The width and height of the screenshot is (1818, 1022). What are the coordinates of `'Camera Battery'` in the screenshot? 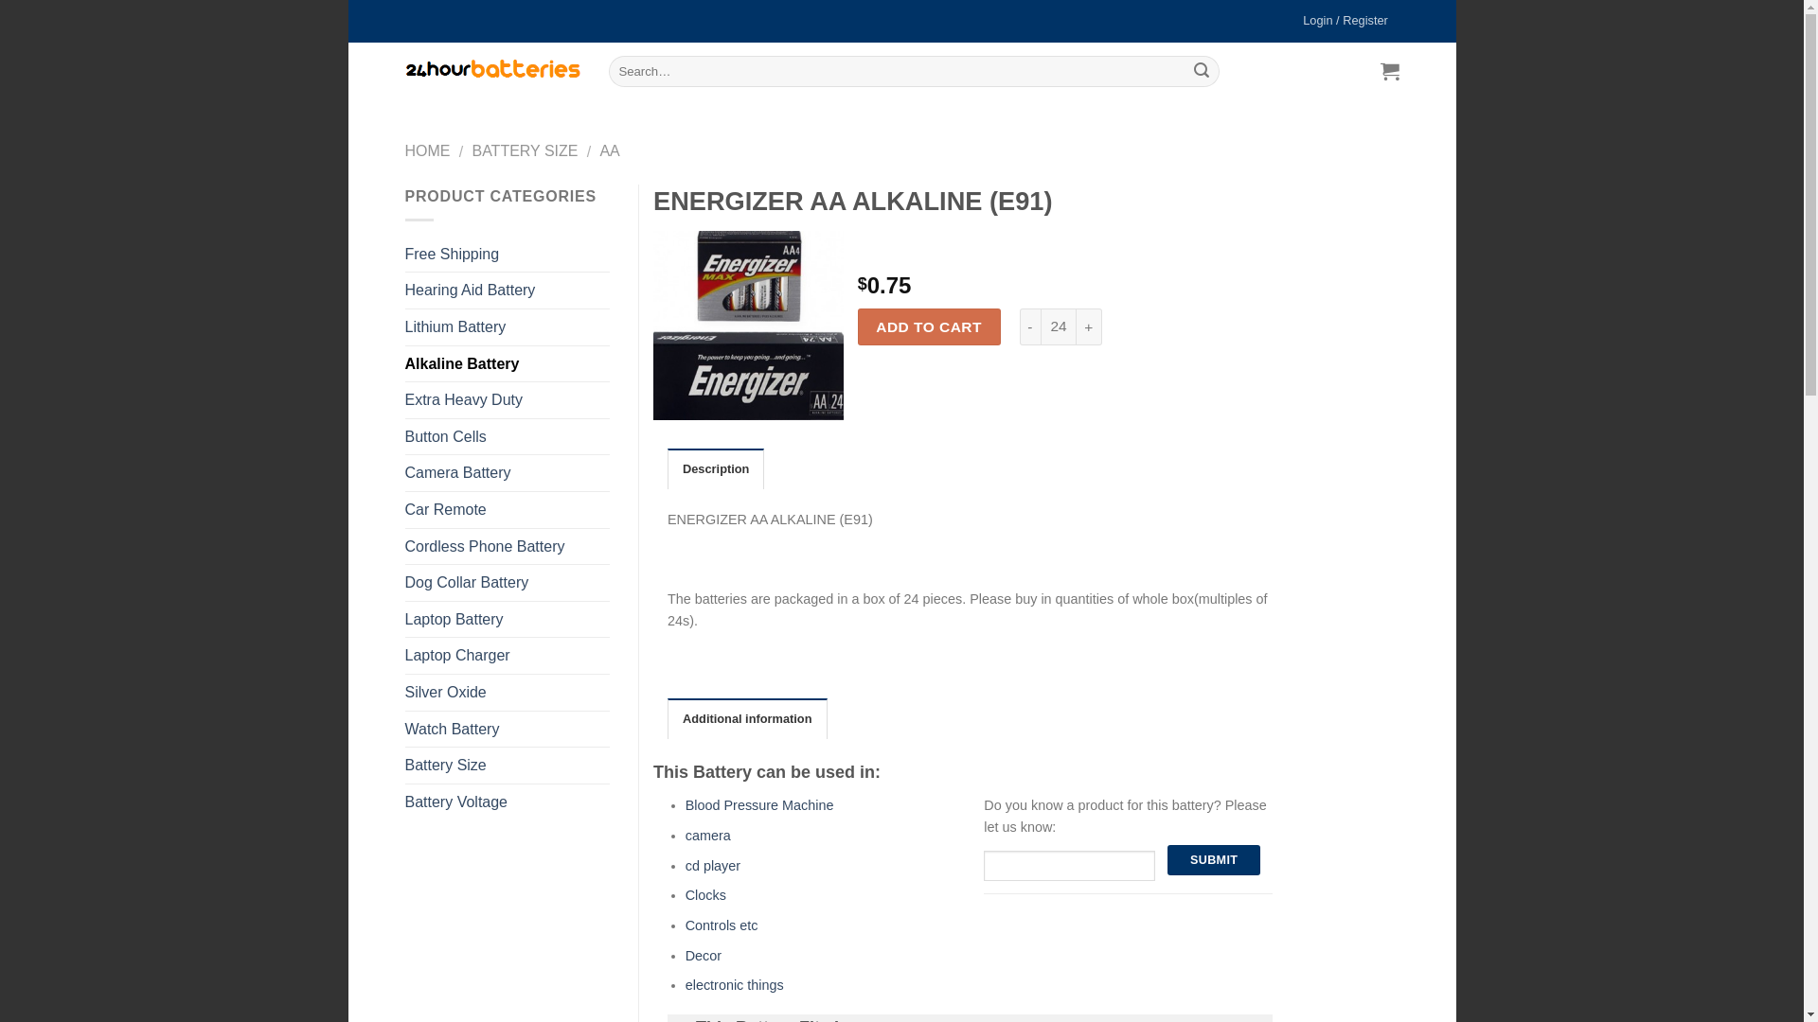 It's located at (508, 472).